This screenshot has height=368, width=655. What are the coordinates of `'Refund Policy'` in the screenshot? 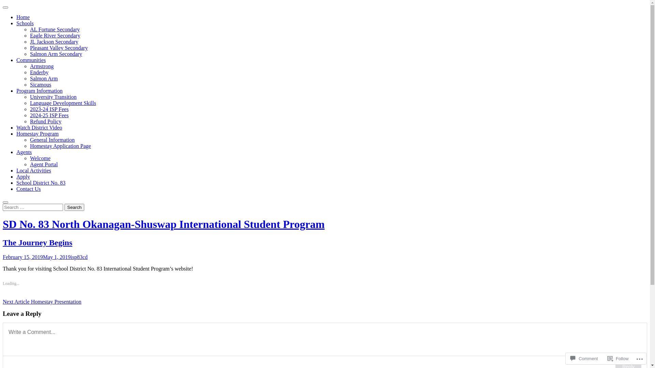 It's located at (29, 121).